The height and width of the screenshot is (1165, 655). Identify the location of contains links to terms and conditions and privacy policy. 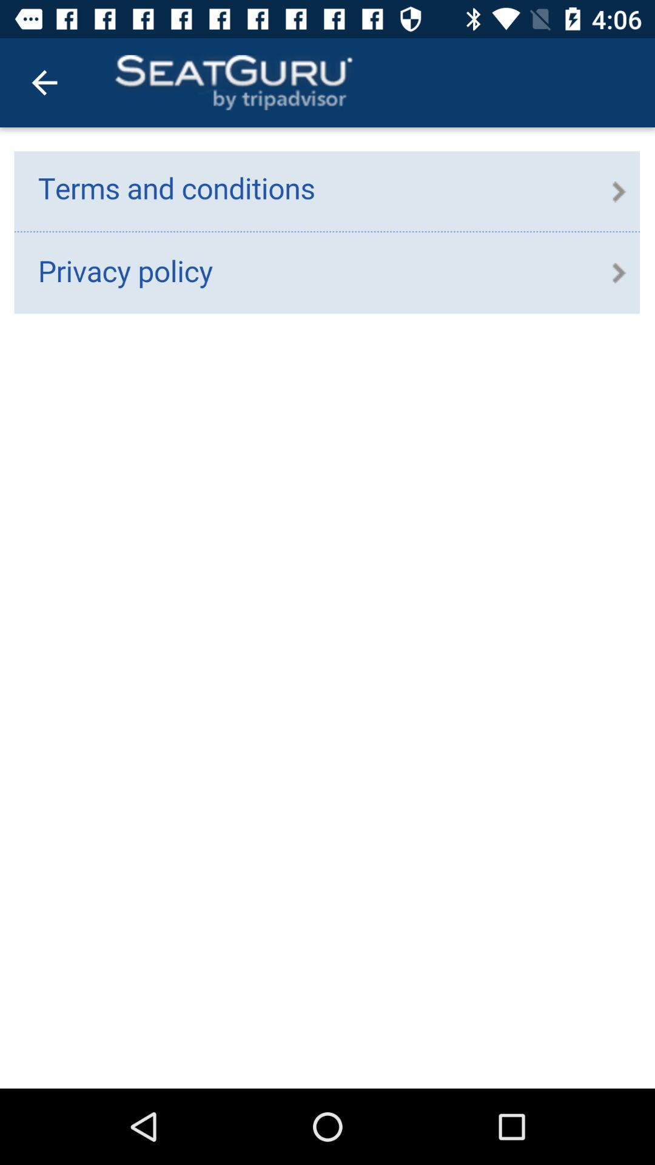
(327, 608).